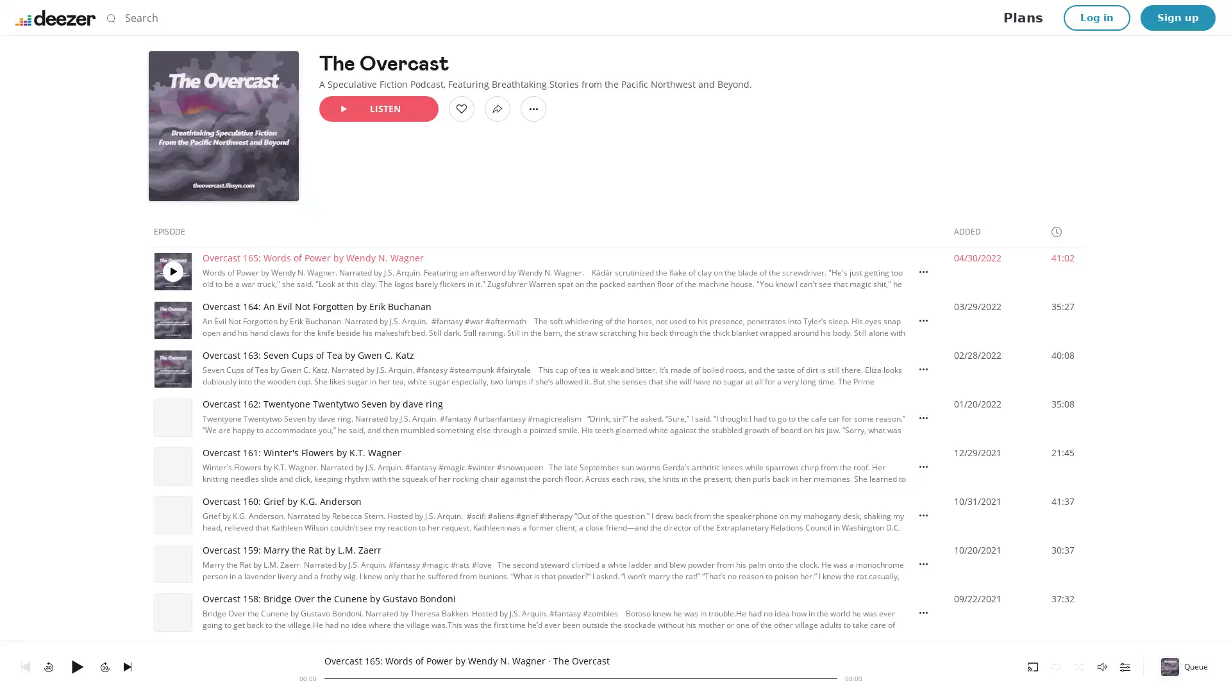  What do you see at coordinates (172, 661) in the screenshot?
I see `Play Overcast 157: Katabasis by Catherine George by The Overcast` at bounding box center [172, 661].